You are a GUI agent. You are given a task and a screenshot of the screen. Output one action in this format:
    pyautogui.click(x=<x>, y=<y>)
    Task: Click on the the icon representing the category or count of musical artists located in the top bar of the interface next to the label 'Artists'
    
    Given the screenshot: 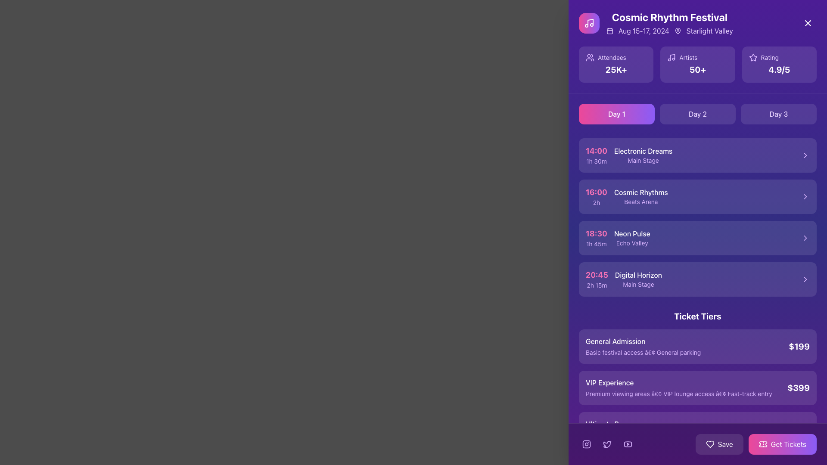 What is the action you would take?
    pyautogui.click(x=671, y=58)
    